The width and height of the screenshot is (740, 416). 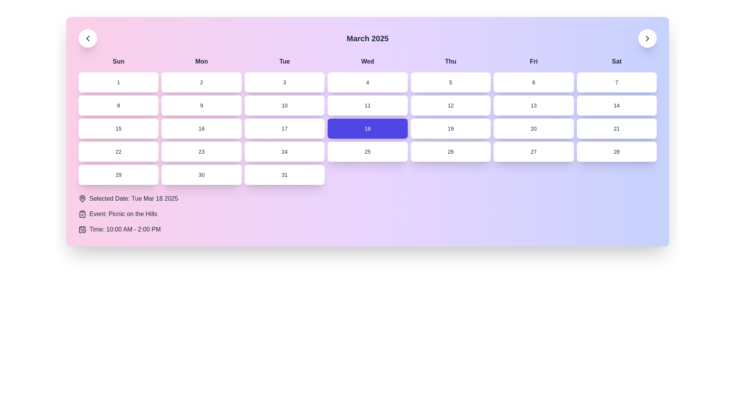 I want to click on the static text display showing 'Selected Date: Tue Mar 18 2025', which is bold and located to the right of a map pin icon, so click(x=134, y=198).